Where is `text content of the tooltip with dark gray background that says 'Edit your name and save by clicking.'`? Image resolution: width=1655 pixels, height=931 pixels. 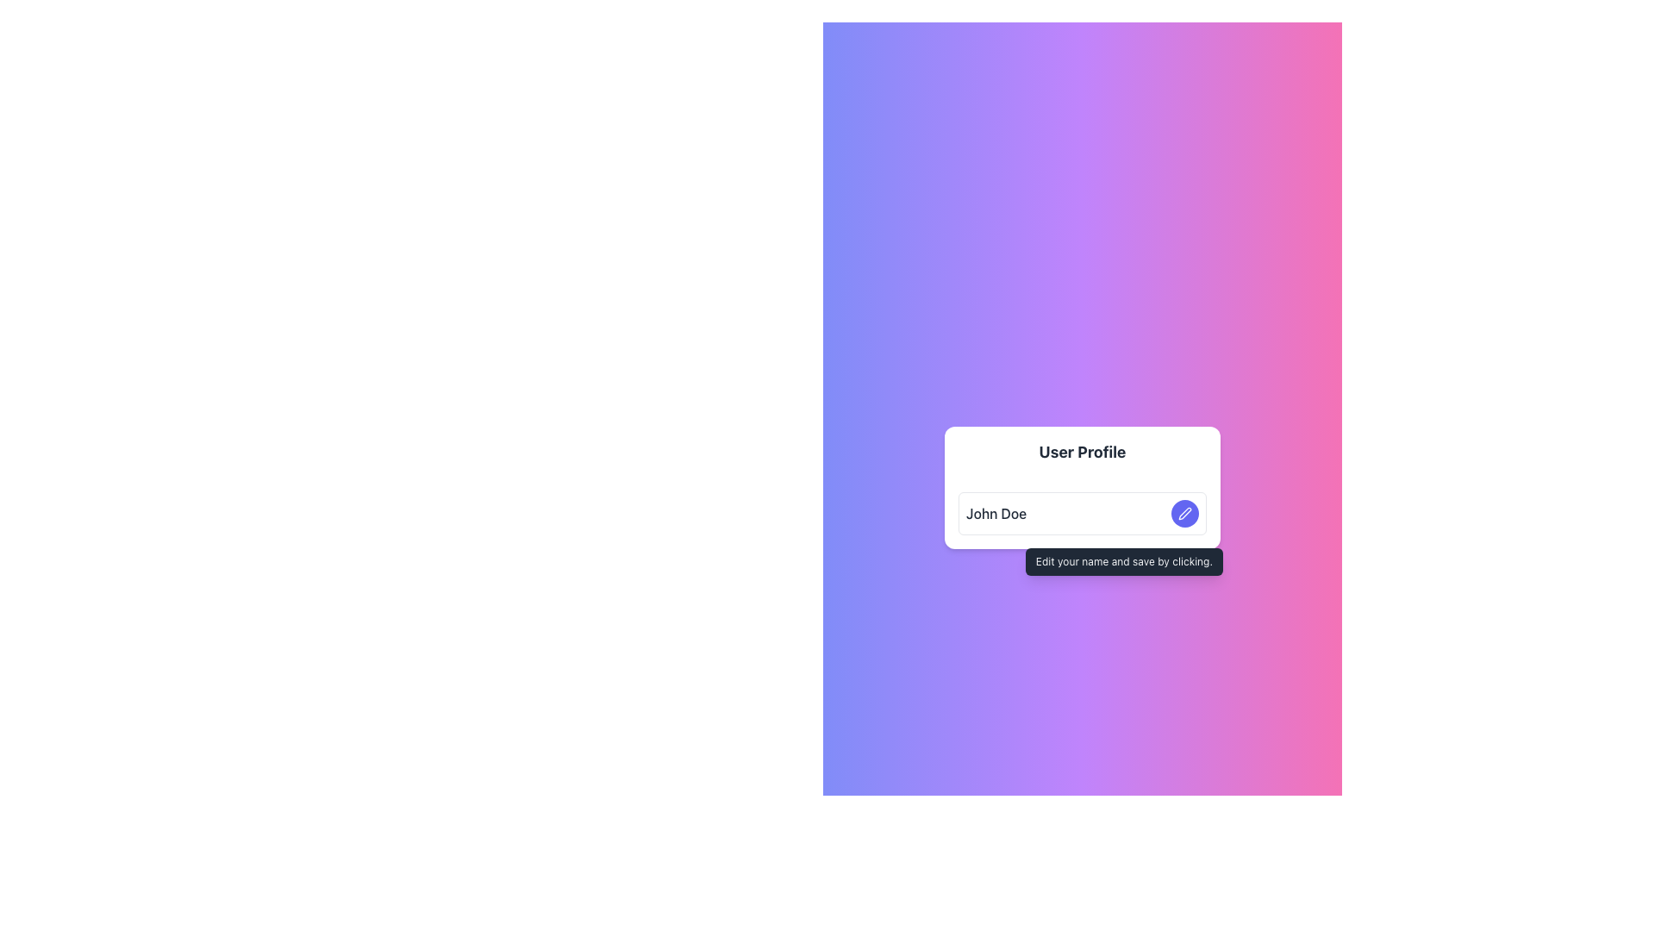 text content of the tooltip with dark gray background that says 'Edit your name and save by clicking.' is located at coordinates (1124, 561).